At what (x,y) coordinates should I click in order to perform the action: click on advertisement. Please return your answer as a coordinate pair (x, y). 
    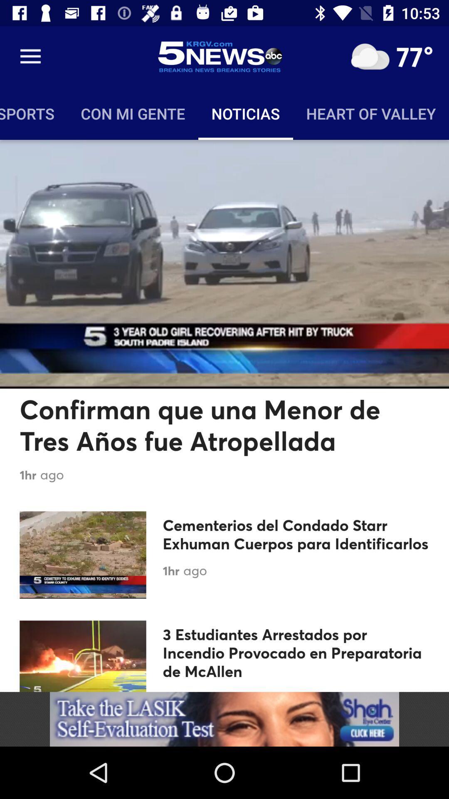
    Looking at the image, I should click on (224, 719).